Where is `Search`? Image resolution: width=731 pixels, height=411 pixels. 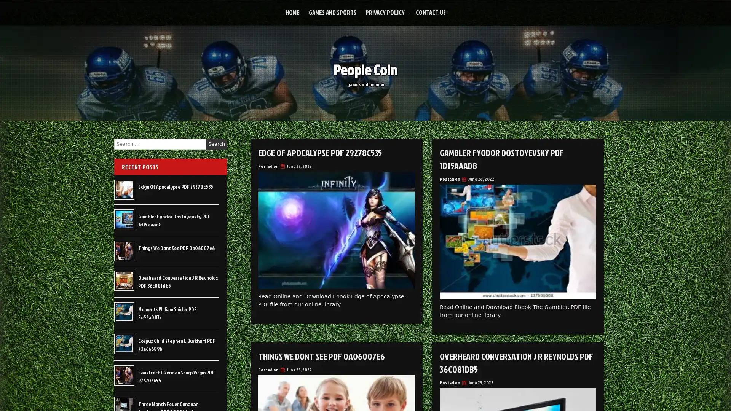 Search is located at coordinates (216, 144).